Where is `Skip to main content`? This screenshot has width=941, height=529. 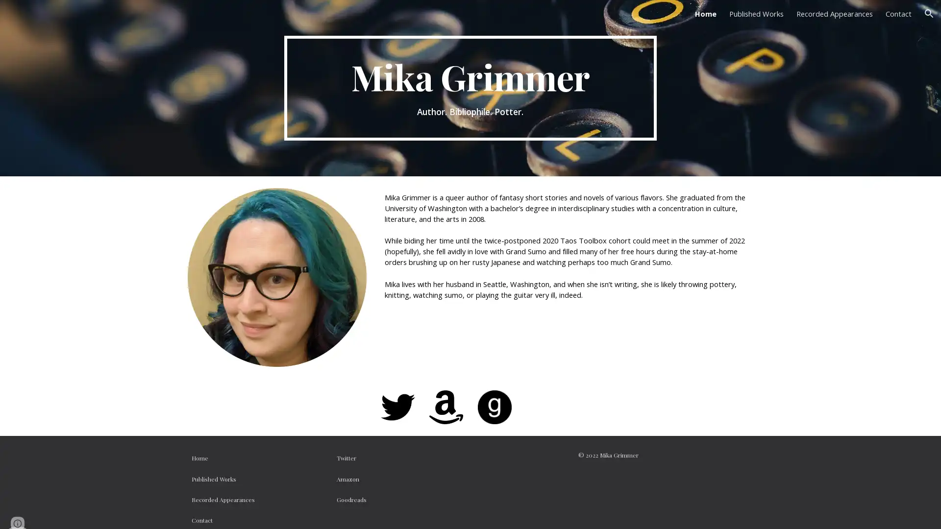
Skip to main content is located at coordinates (386, 18).